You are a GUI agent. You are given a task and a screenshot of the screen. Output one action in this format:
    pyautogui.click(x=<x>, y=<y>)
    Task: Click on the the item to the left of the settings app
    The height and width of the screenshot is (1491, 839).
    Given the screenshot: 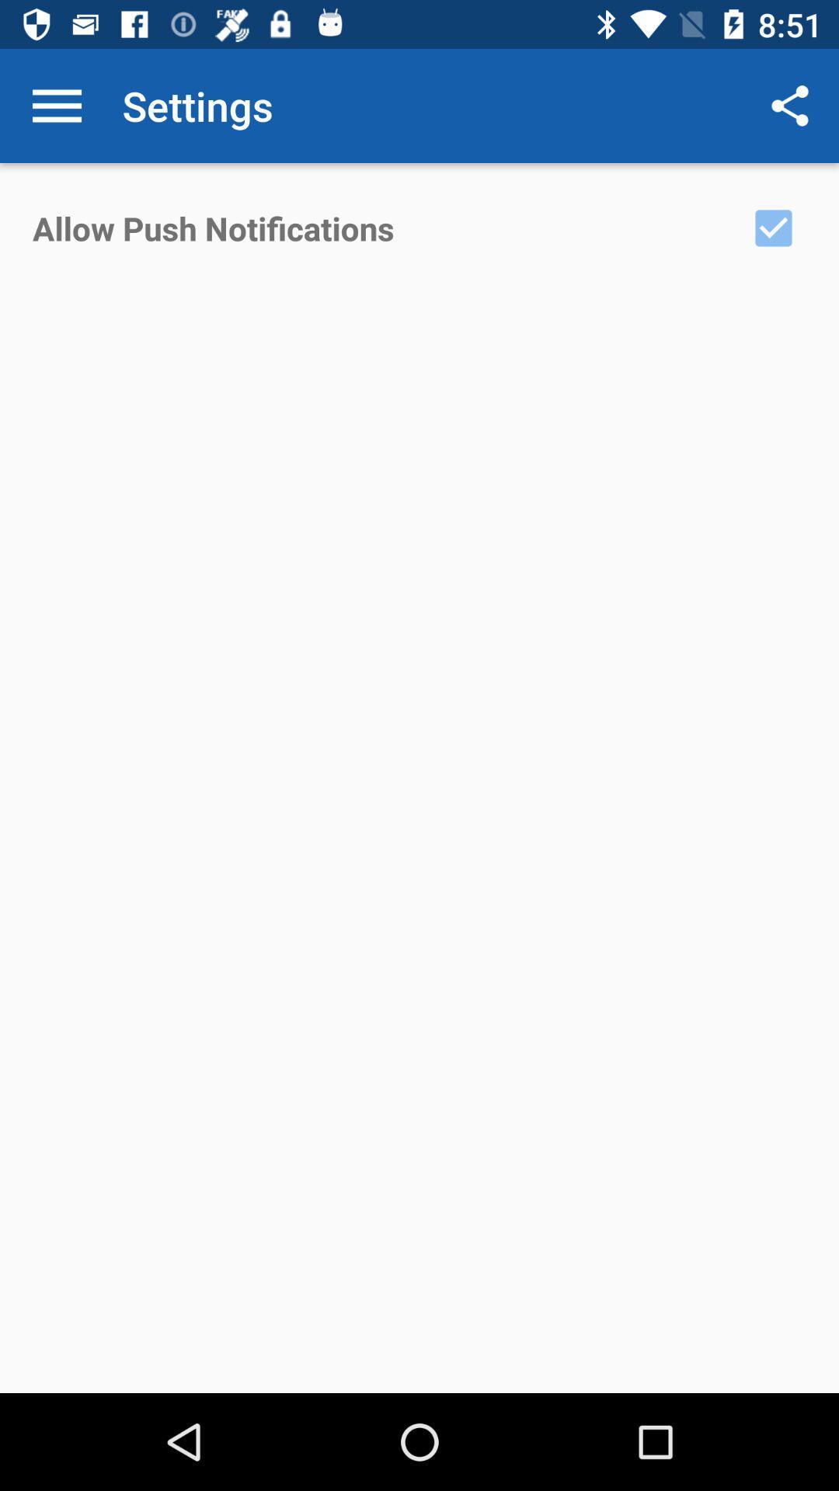 What is the action you would take?
    pyautogui.click(x=56, y=105)
    